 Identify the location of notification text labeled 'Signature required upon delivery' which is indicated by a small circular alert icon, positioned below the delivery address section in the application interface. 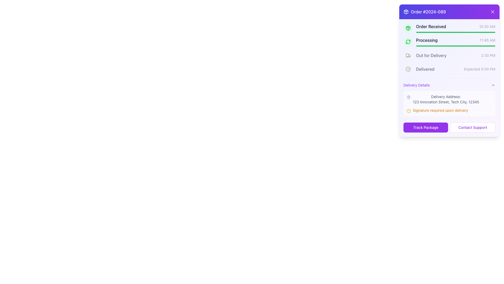
(449, 110).